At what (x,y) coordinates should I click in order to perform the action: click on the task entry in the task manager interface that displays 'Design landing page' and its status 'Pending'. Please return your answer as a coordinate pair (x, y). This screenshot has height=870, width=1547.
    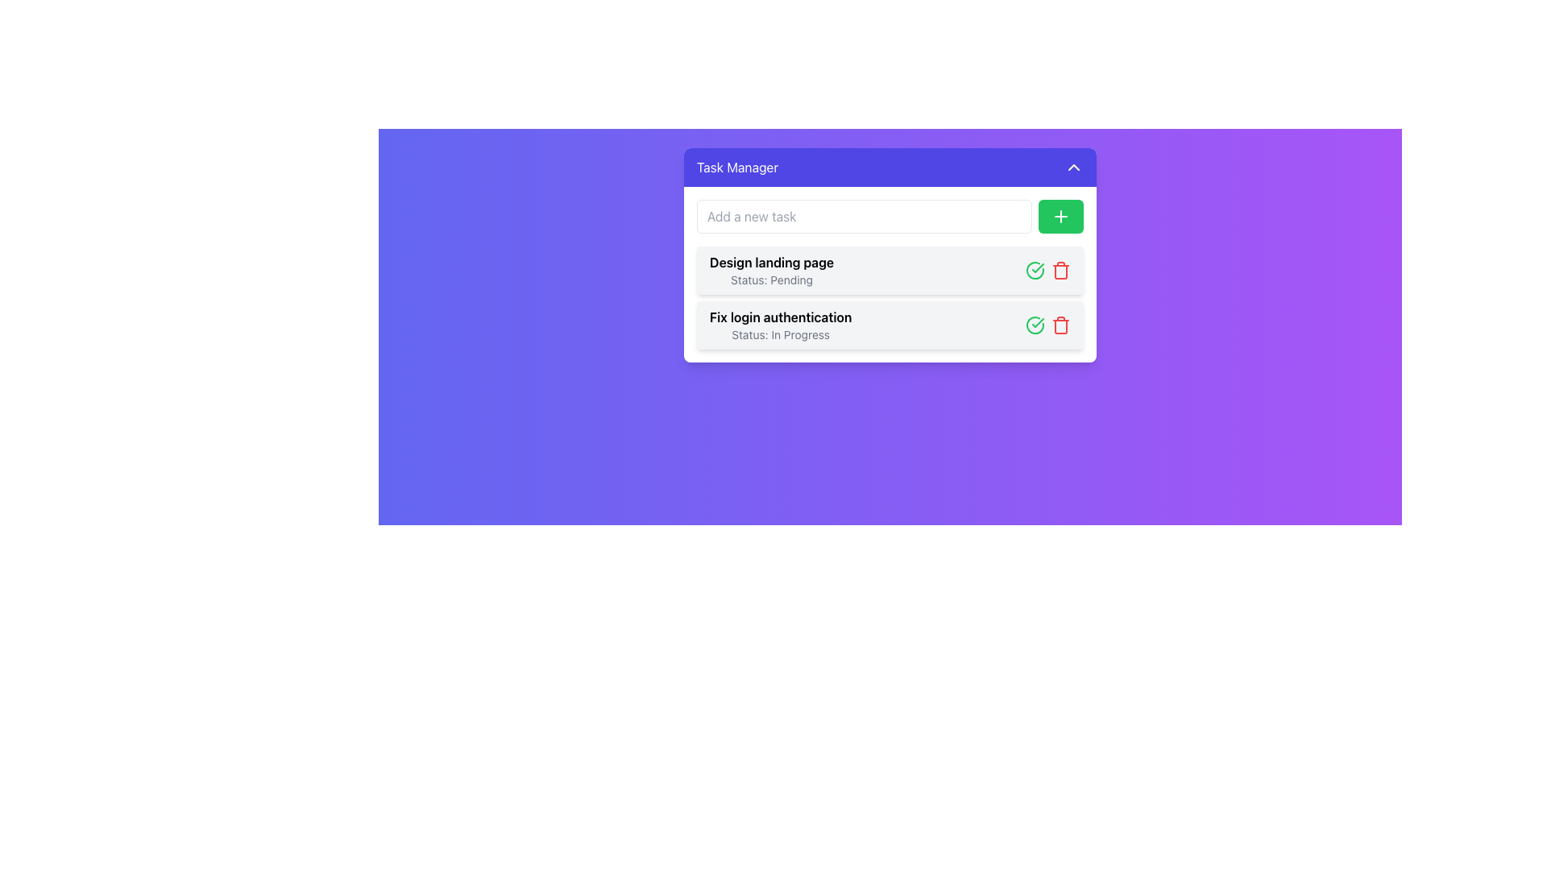
    Looking at the image, I should click on (889, 269).